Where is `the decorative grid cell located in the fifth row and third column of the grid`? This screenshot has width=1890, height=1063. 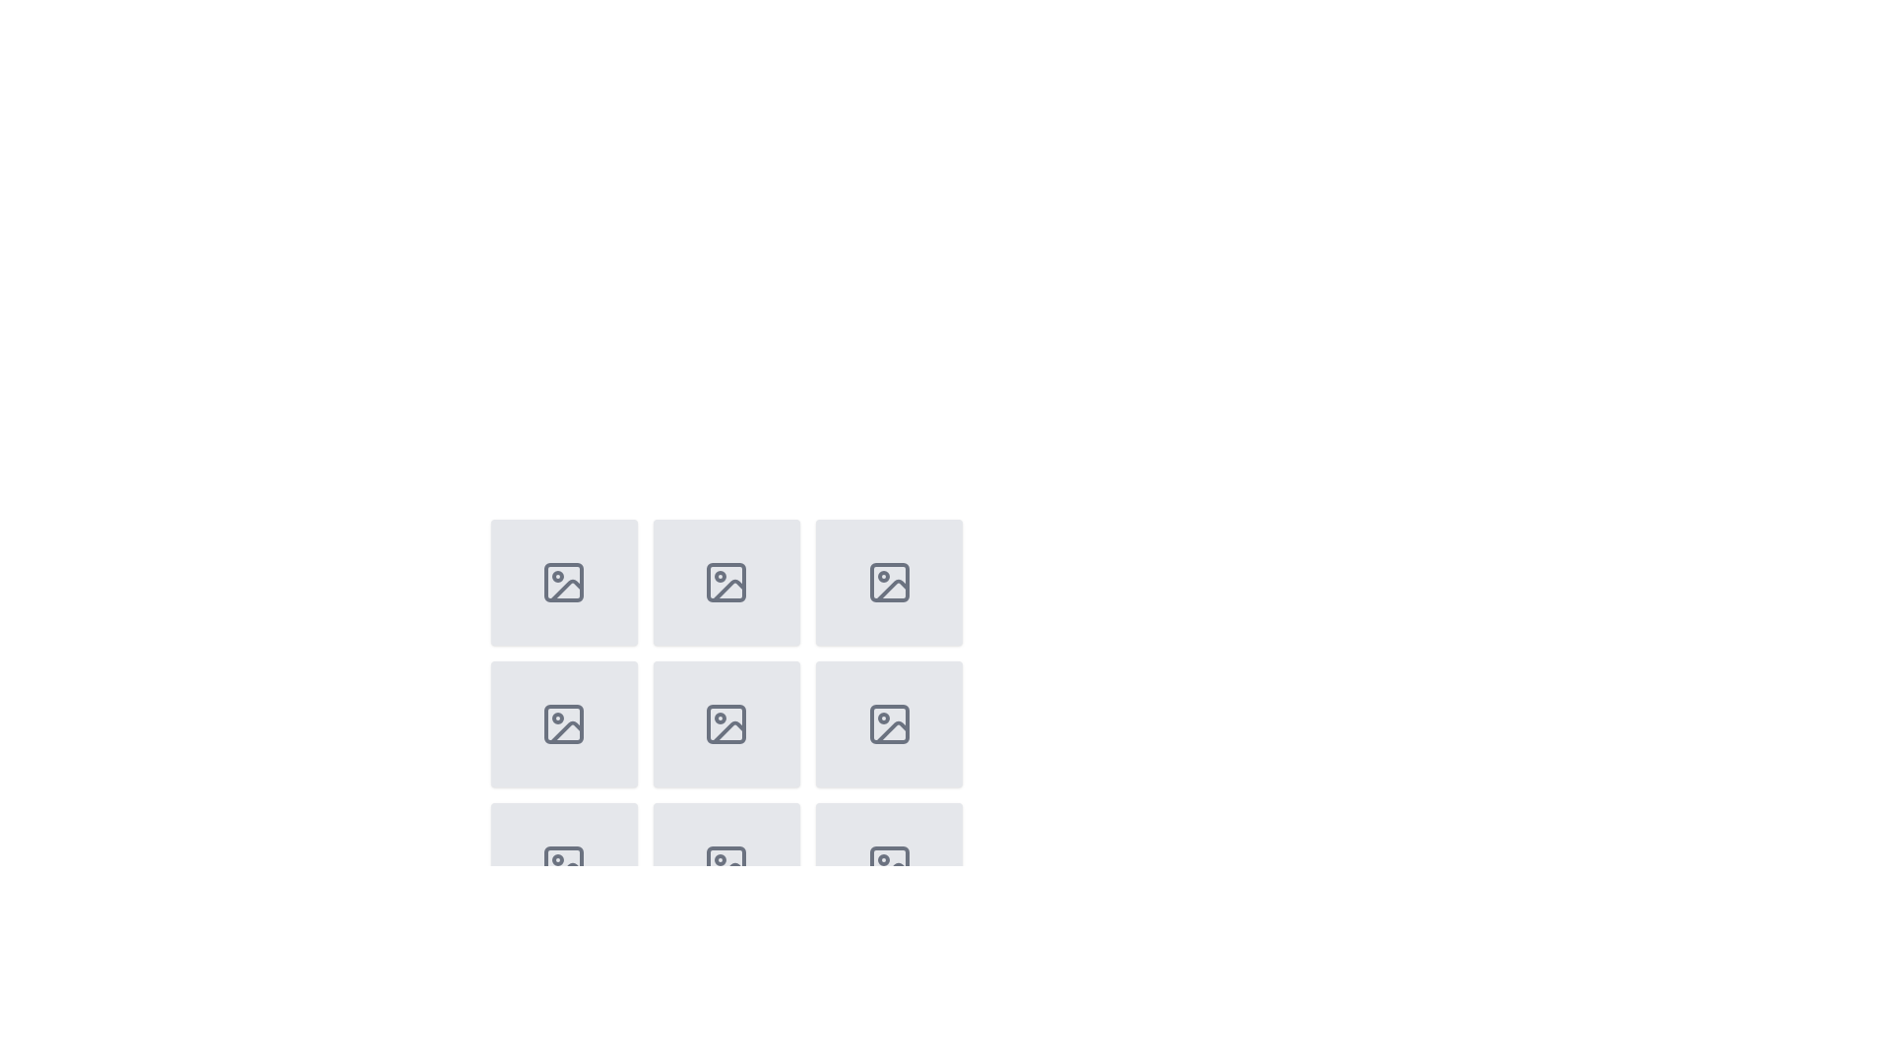
the decorative grid cell located in the fifth row and third column of the grid is located at coordinates (888, 724).